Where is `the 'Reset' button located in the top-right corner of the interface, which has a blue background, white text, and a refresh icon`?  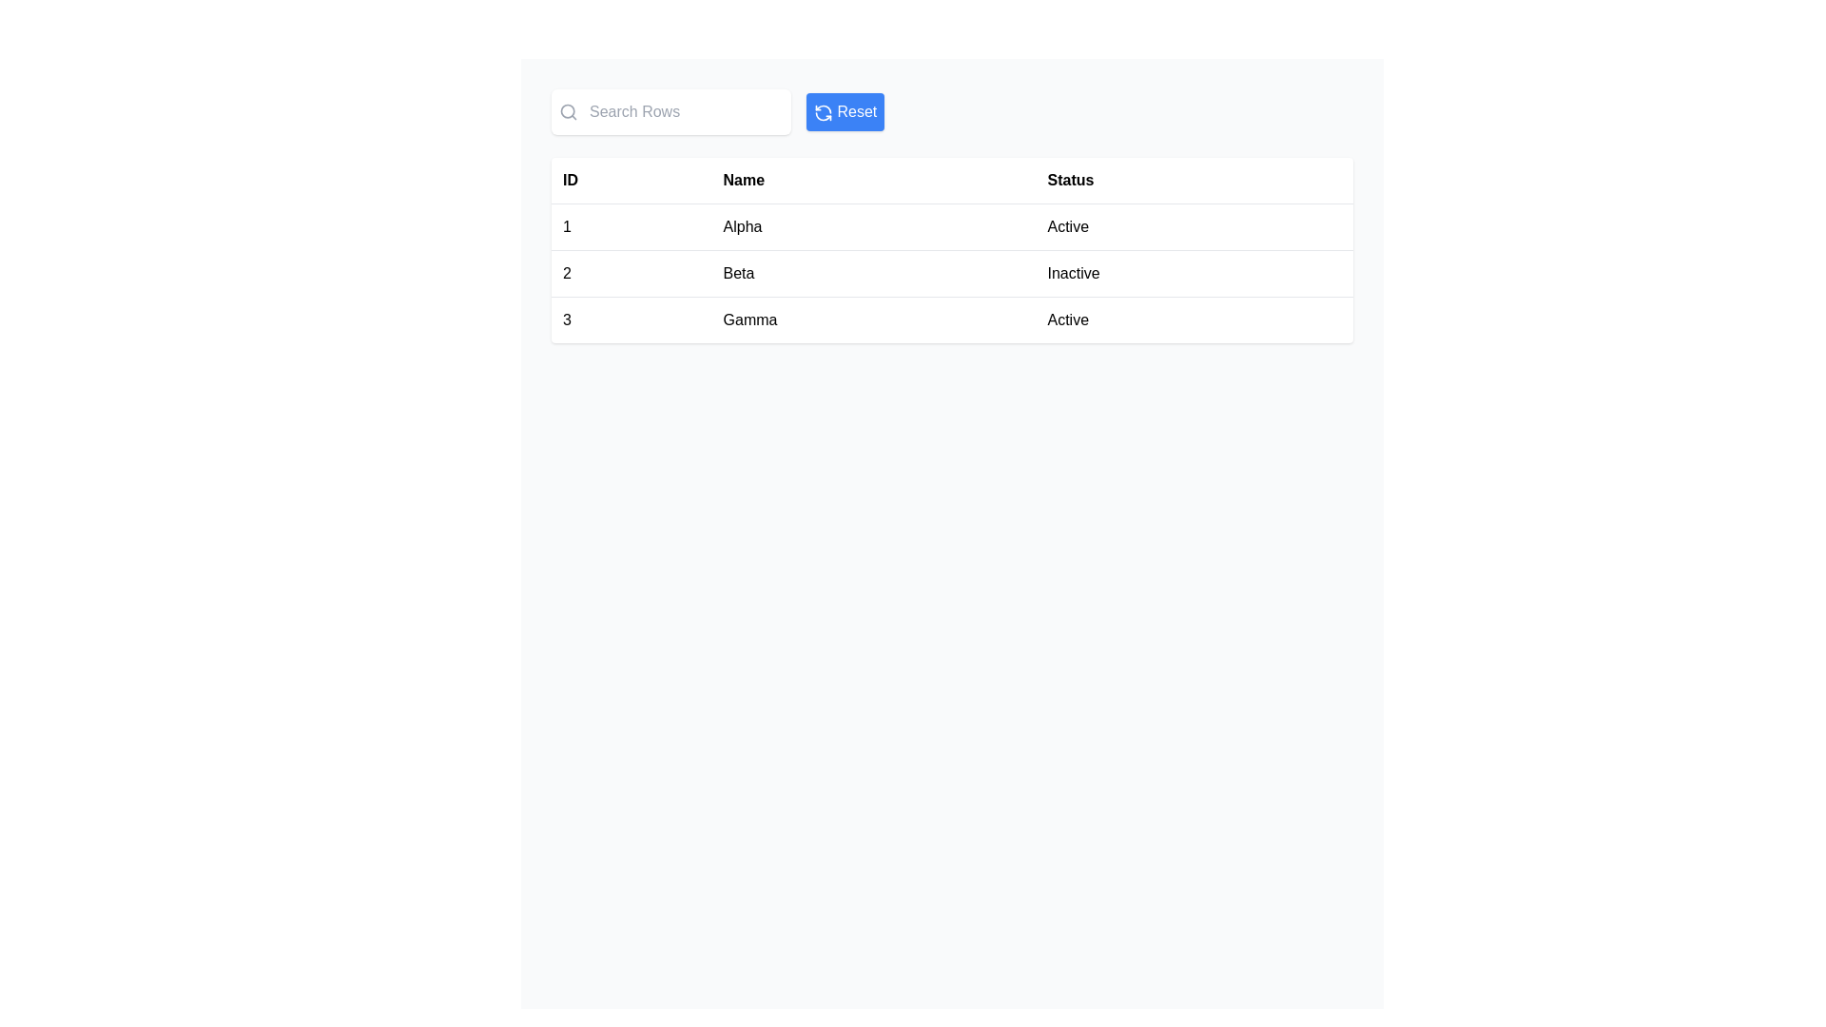
the 'Reset' button located in the top-right corner of the interface, which has a blue background, white text, and a refresh icon is located at coordinates (845, 112).